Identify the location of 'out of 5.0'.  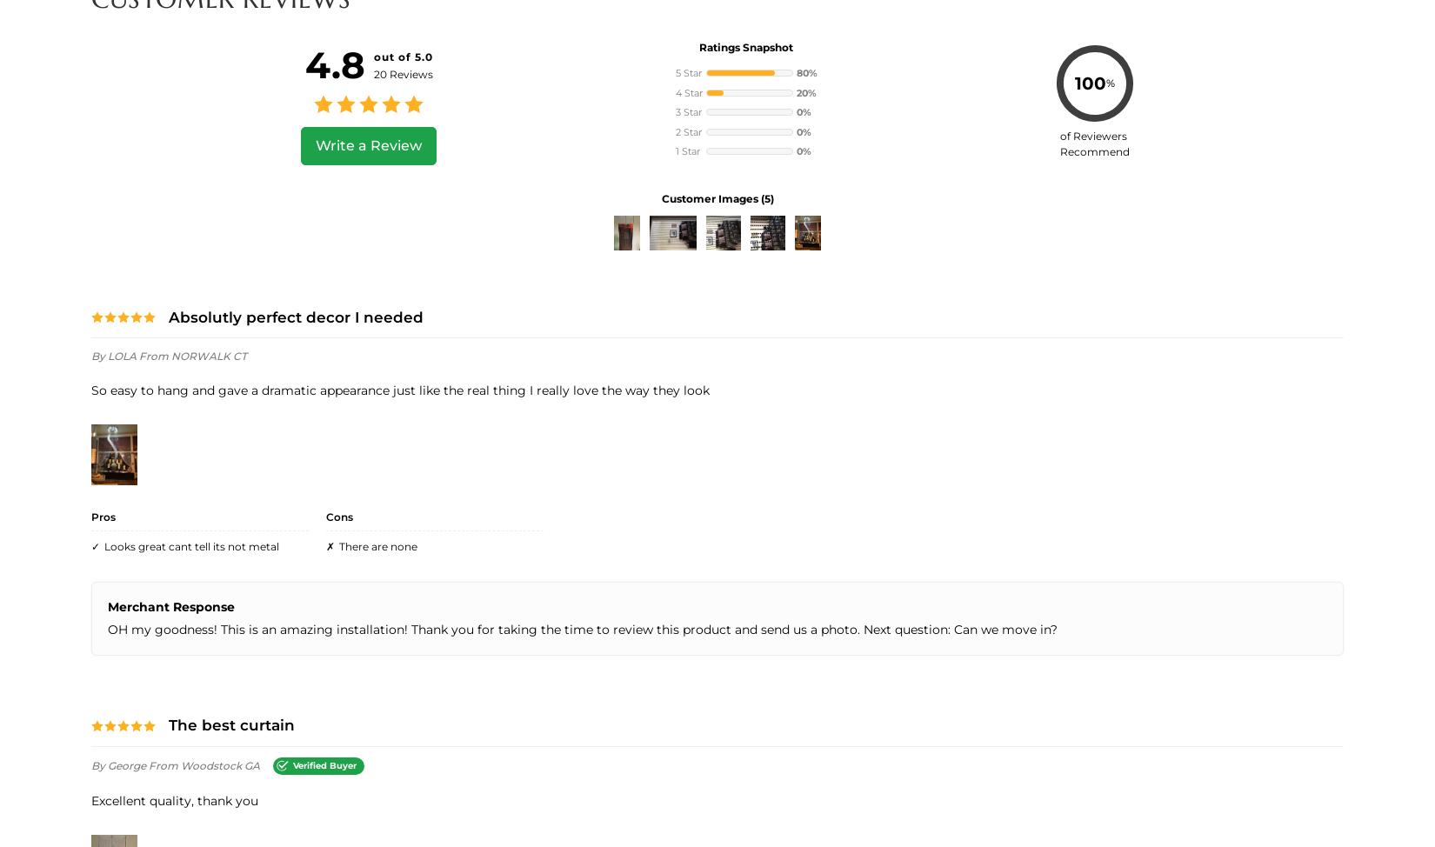
(401, 56).